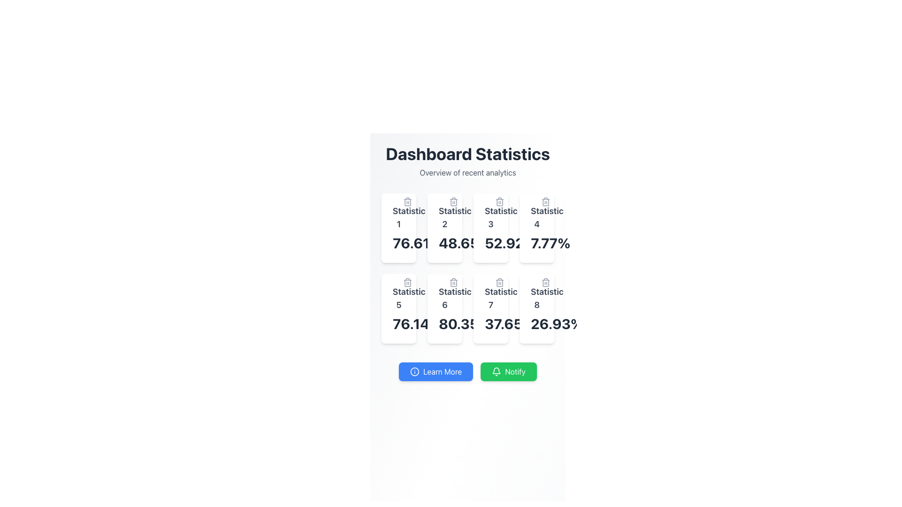 This screenshot has width=902, height=507. I want to click on the Text Label displaying the percentage value for 'Statistic 2' located in the second card of the top row under 'Dashboard Statistics', so click(444, 242).